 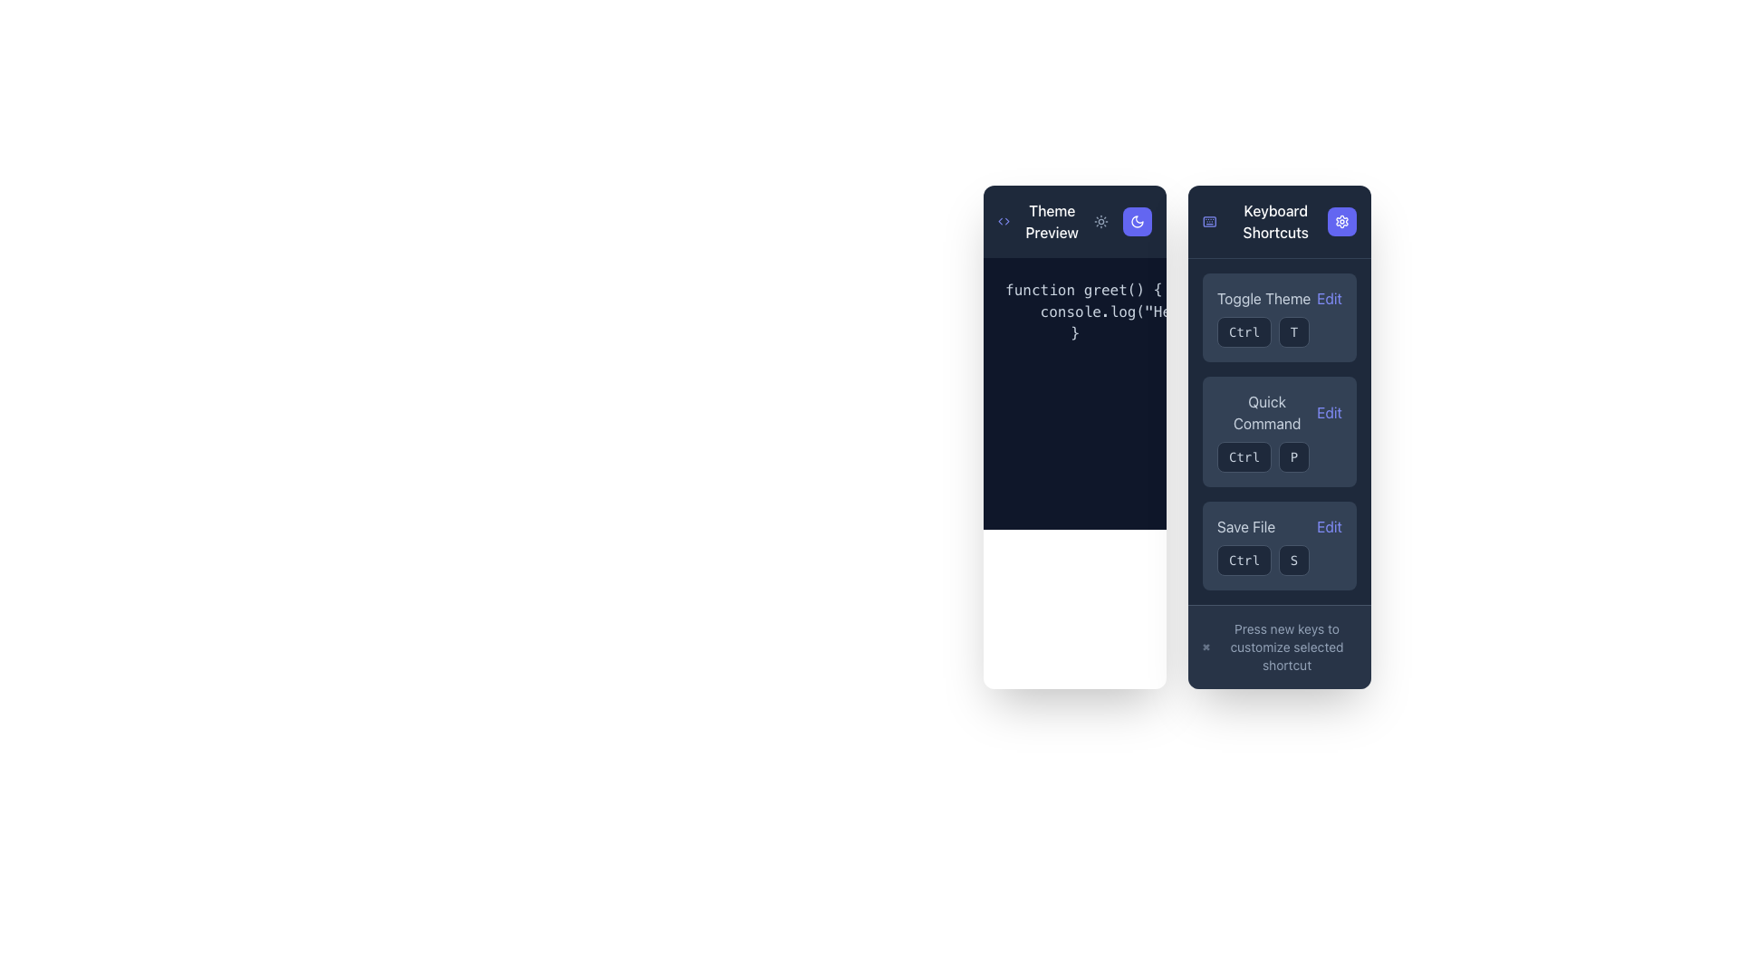 What do you see at coordinates (1137, 221) in the screenshot?
I see `the moon-shaped icon in the top-right corner of the interface` at bounding box center [1137, 221].